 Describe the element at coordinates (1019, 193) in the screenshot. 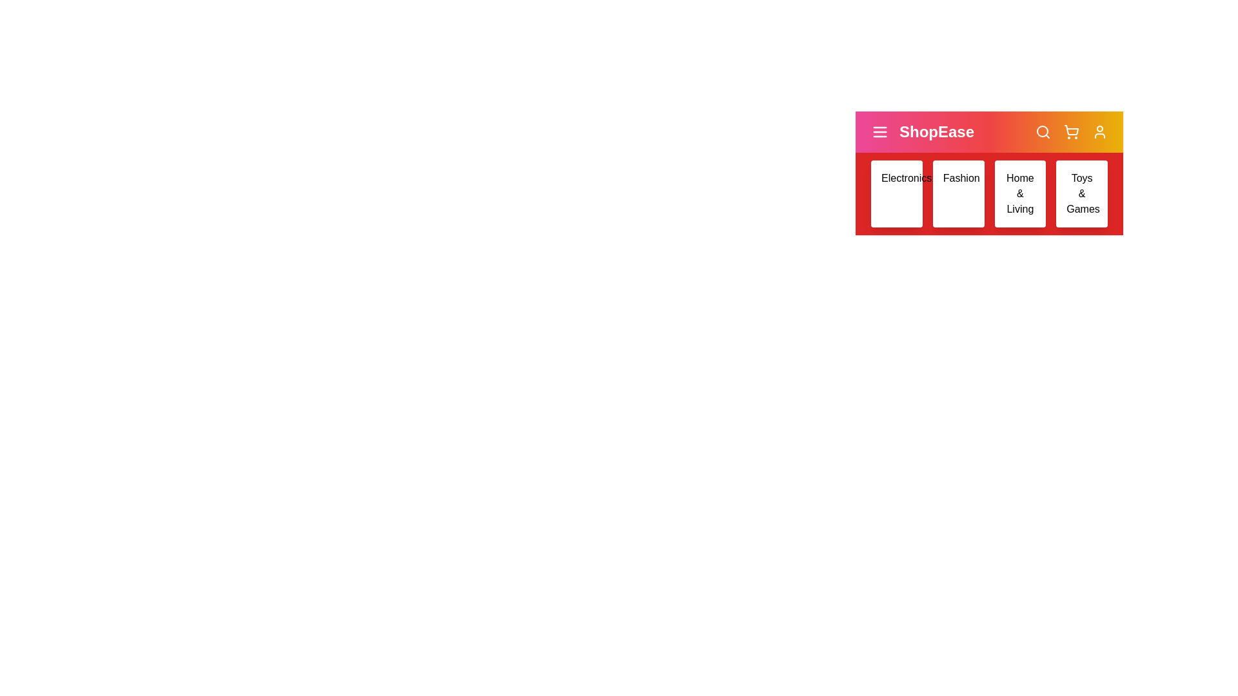

I see `the category Home & Living to view its hover effect` at that location.